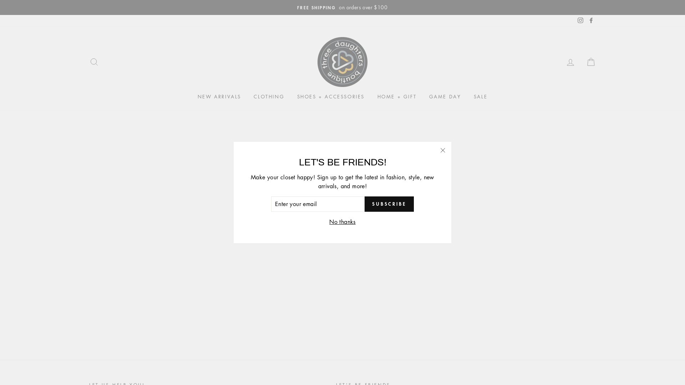 This screenshot has height=385, width=685. I want to click on 'No thanks', so click(342, 222).